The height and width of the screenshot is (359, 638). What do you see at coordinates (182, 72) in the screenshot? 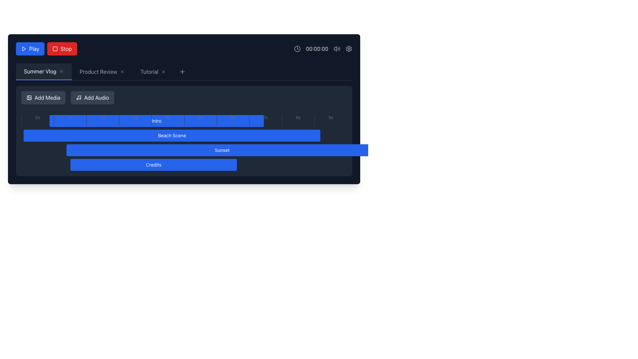
I see `the icon-based button located in the navigation bar after the 'Tutorial' label` at bounding box center [182, 72].